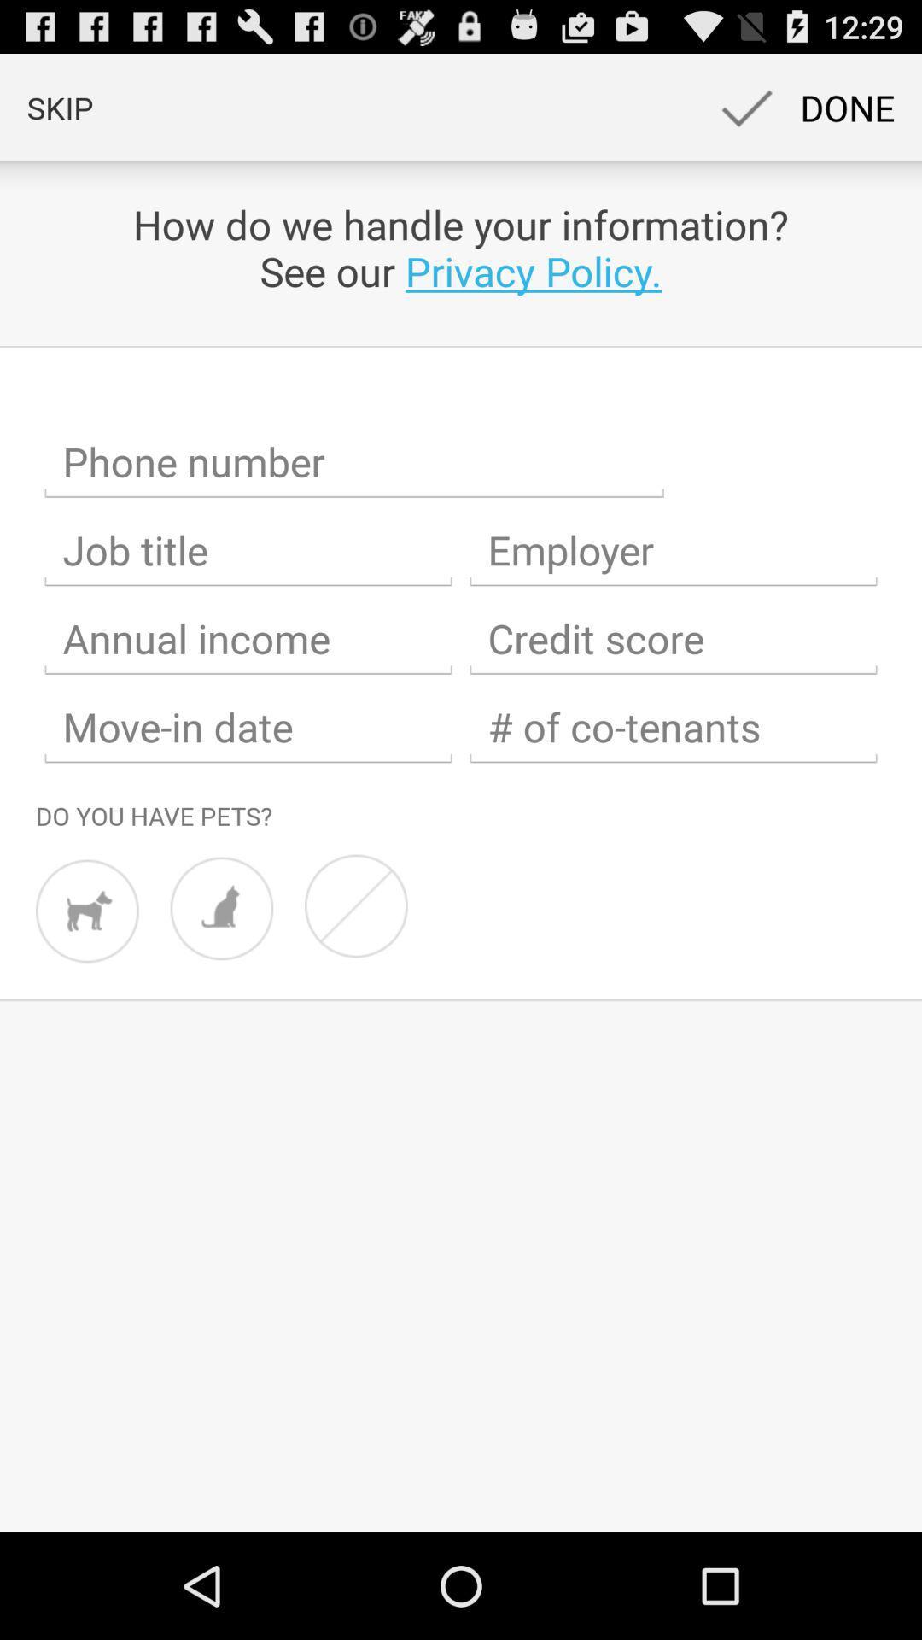 Image resolution: width=922 pixels, height=1640 pixels. What do you see at coordinates (673, 727) in the screenshot?
I see `number of co-tenants` at bounding box center [673, 727].